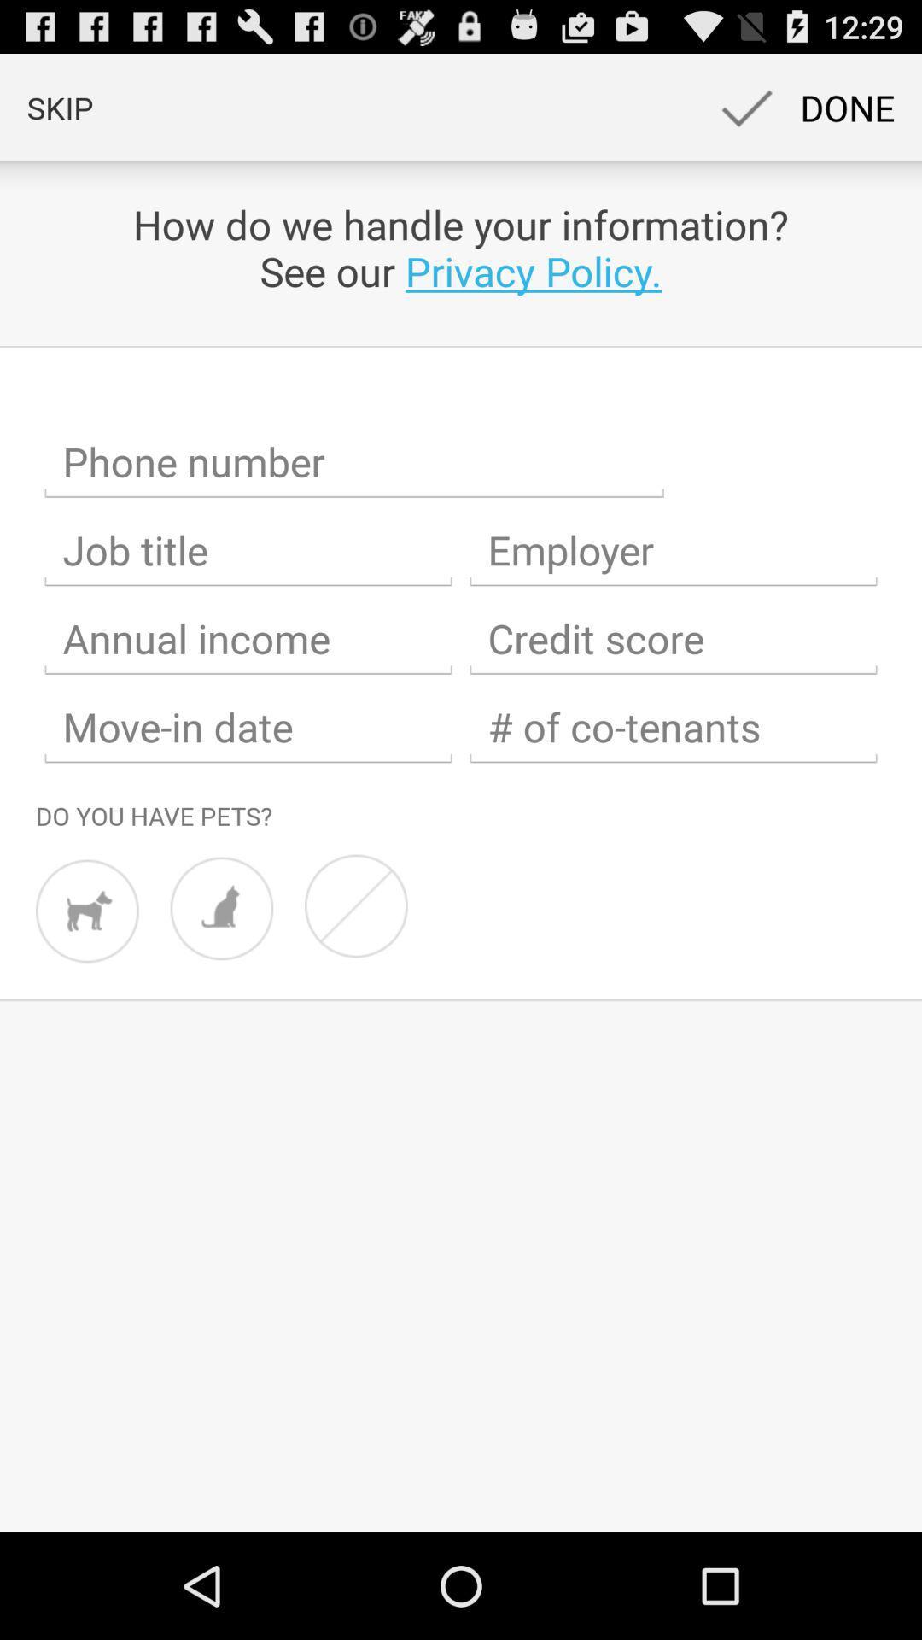 Image resolution: width=922 pixels, height=1640 pixels. What do you see at coordinates (673, 727) in the screenshot?
I see `number of co-tenants` at bounding box center [673, 727].